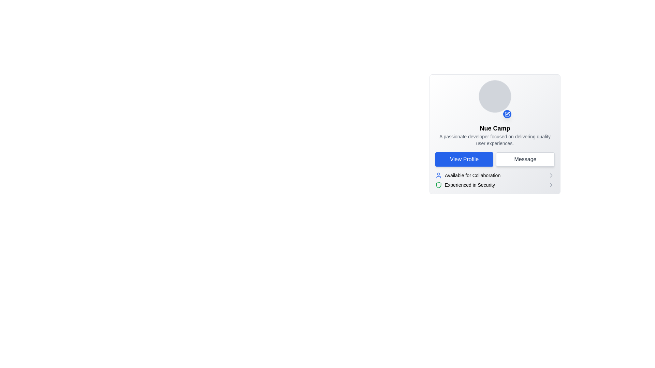  I want to click on the edit button located at the bottom-right of the user's profile picture to modify the profile picture or related settings, so click(507, 114).